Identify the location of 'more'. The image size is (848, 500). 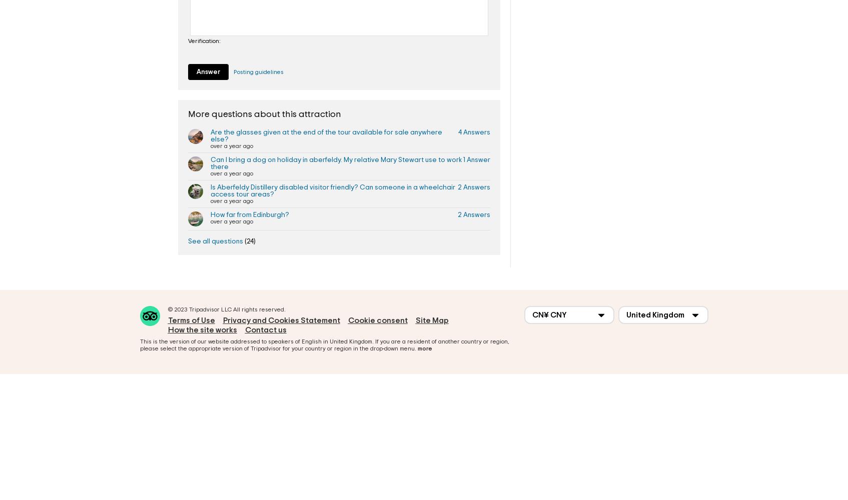
(424, 347).